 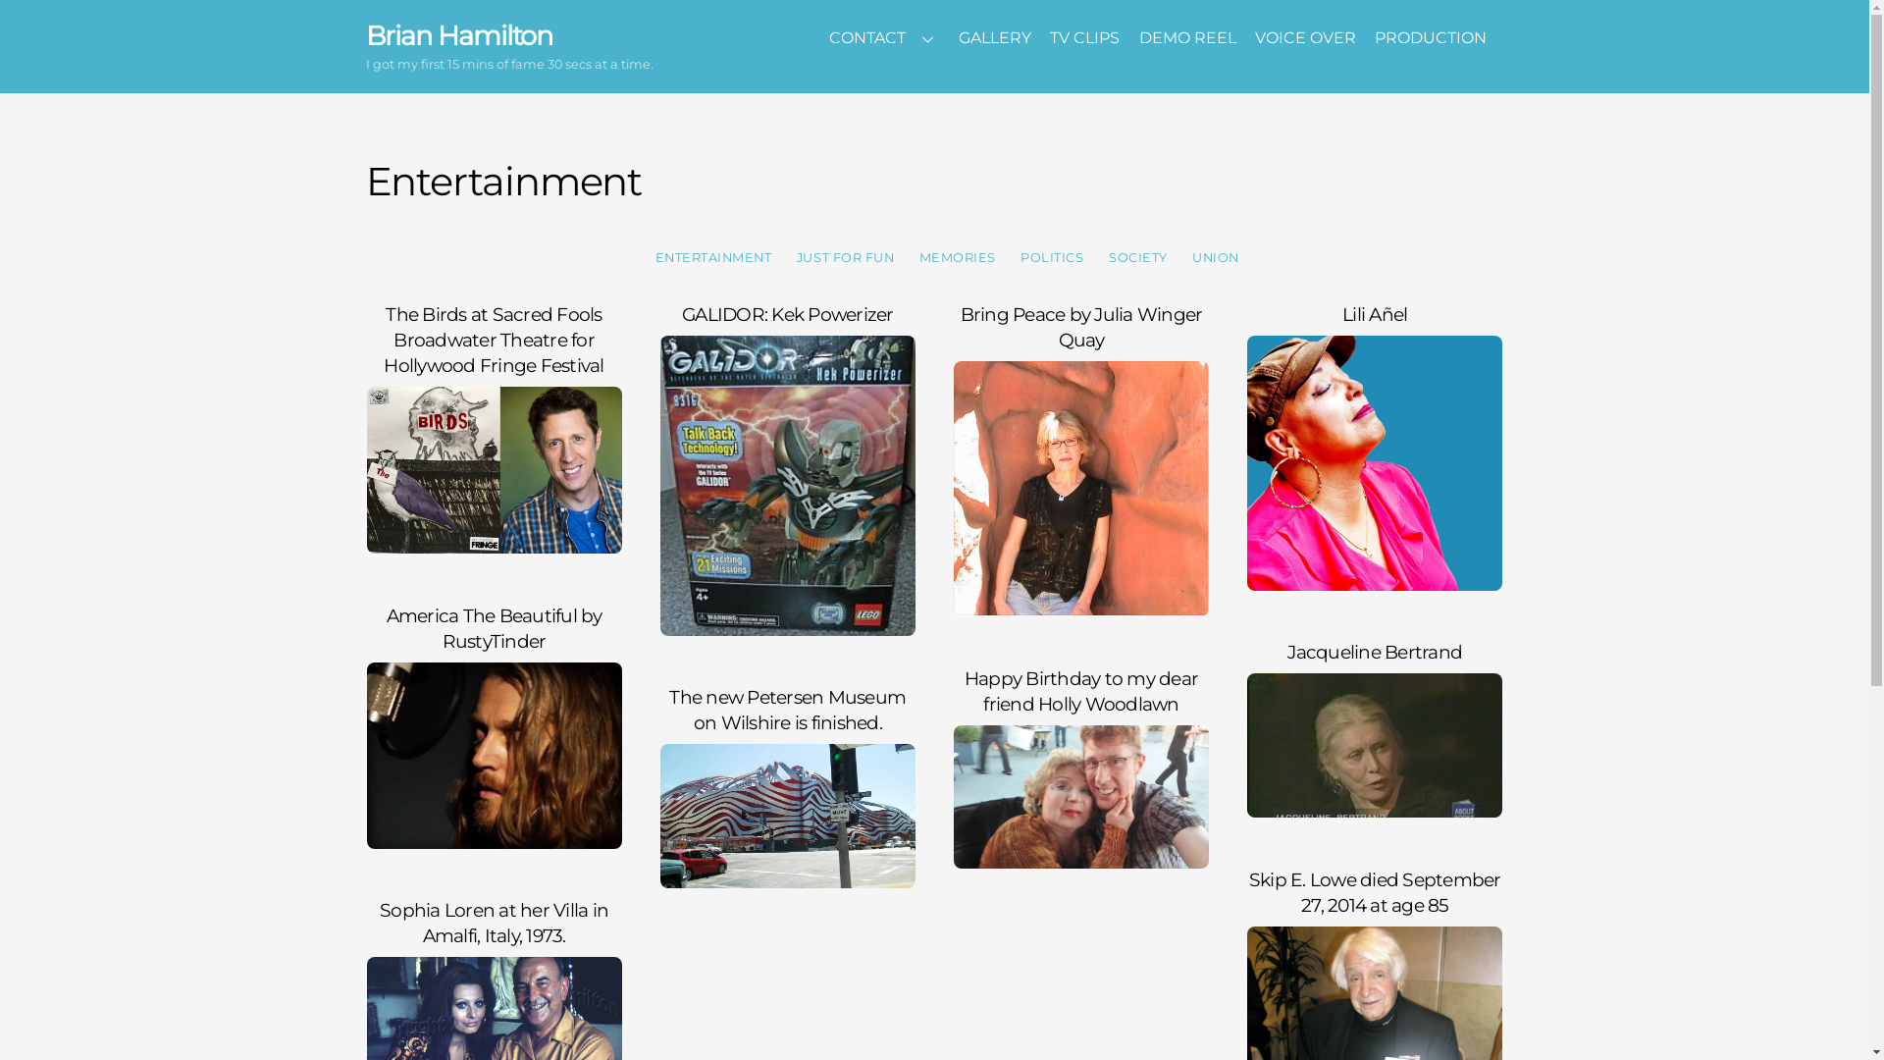 What do you see at coordinates (787, 710) in the screenshot?
I see `'The new Petersen Museum on Wilshire is finished.'` at bounding box center [787, 710].